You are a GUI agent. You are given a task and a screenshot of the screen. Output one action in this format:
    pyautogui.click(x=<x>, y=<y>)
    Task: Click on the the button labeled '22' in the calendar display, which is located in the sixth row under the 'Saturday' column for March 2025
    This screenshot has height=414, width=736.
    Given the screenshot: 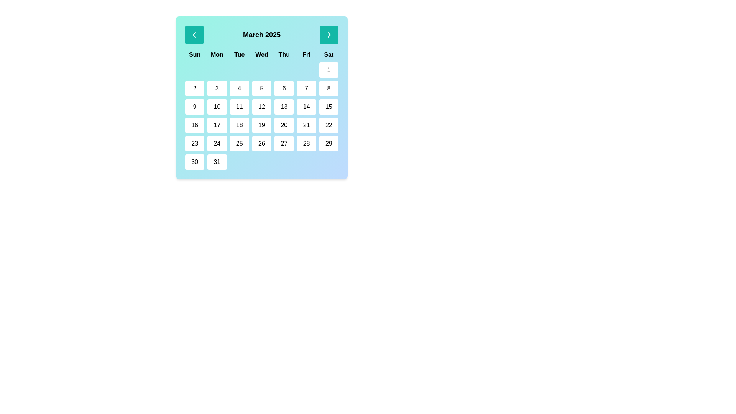 What is the action you would take?
    pyautogui.click(x=329, y=125)
    